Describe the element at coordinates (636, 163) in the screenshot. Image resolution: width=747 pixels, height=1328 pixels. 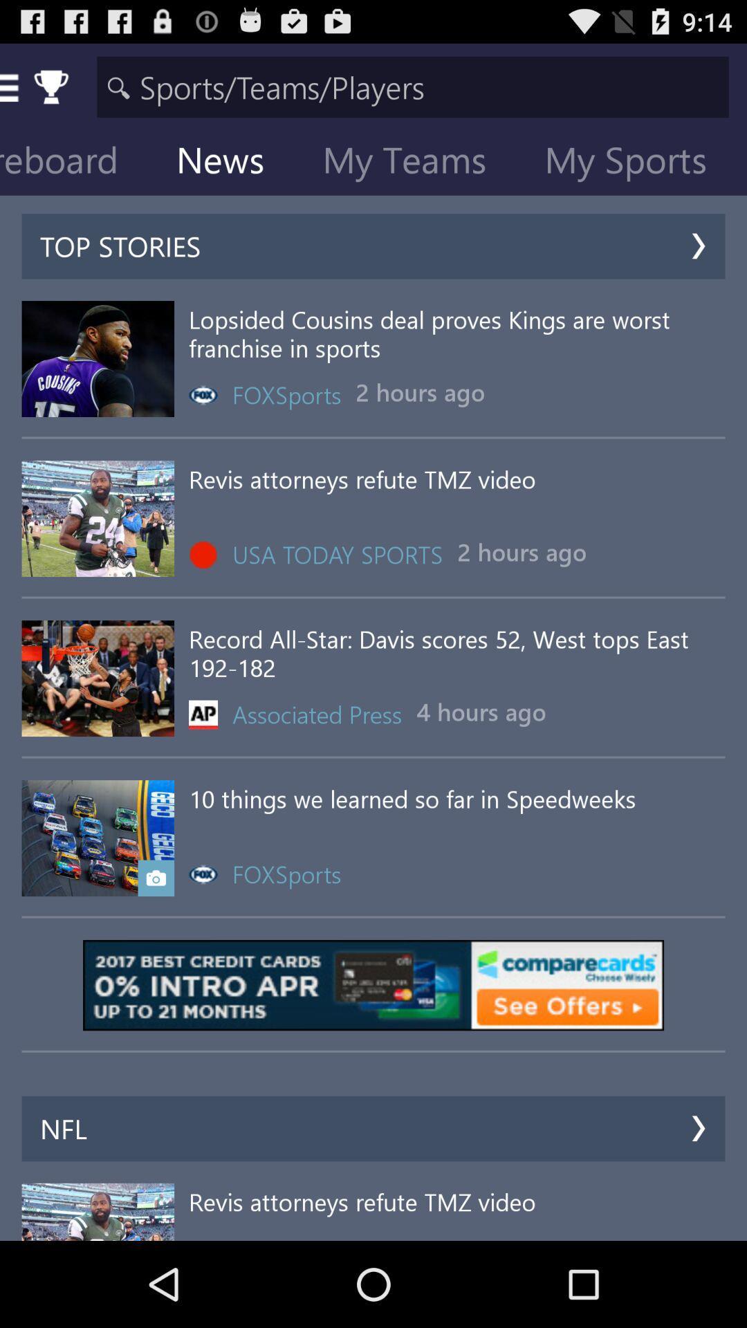
I see `item above the top stories` at that location.